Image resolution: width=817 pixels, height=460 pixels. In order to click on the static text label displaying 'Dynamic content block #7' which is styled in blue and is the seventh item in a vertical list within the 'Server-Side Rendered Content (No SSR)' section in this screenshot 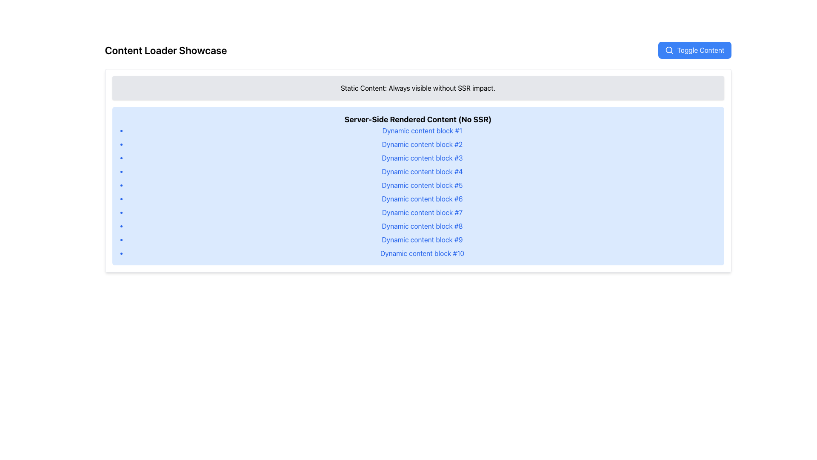, I will do `click(422, 212)`.